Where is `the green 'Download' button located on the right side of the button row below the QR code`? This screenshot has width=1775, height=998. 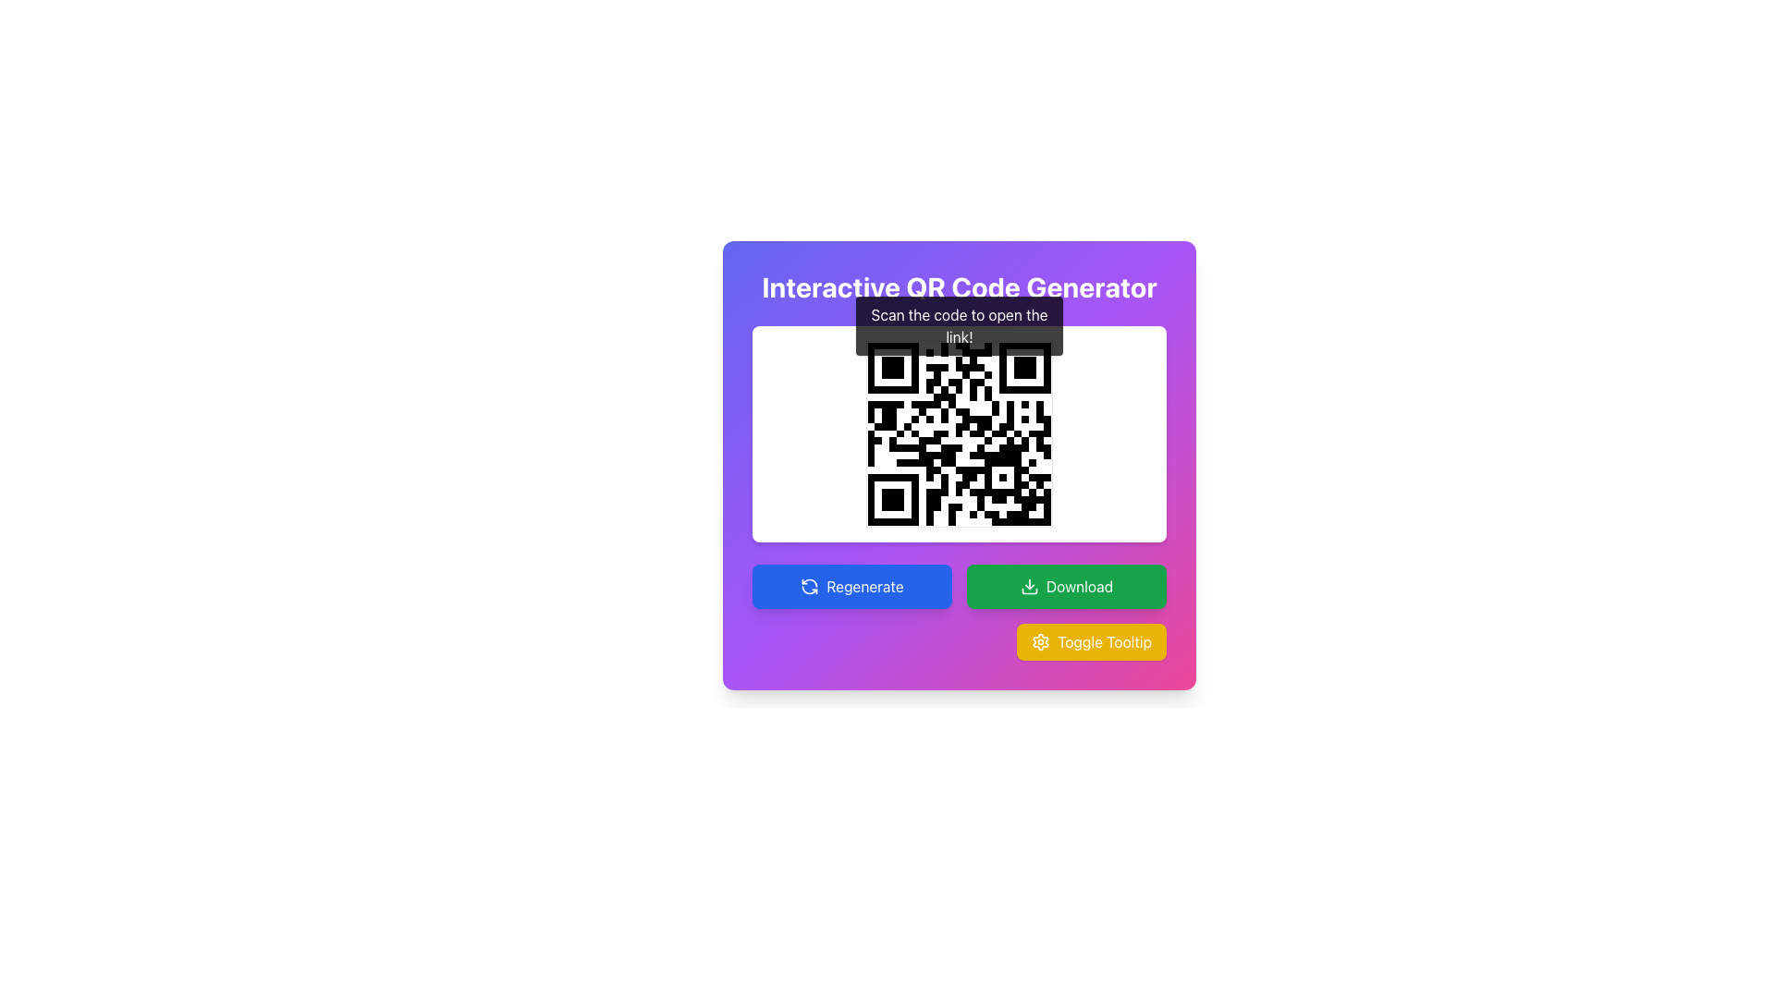
the green 'Download' button located on the right side of the button row below the QR code is located at coordinates (1066, 587).